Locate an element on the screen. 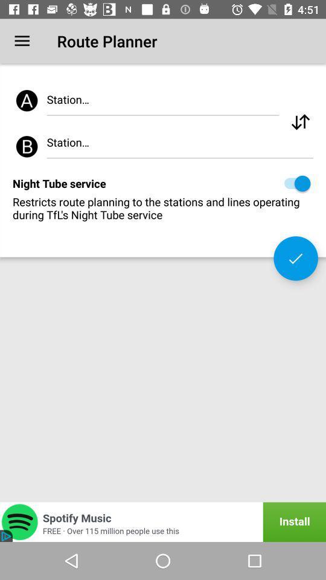 The height and width of the screenshot is (580, 326). approve is located at coordinates (295, 258).